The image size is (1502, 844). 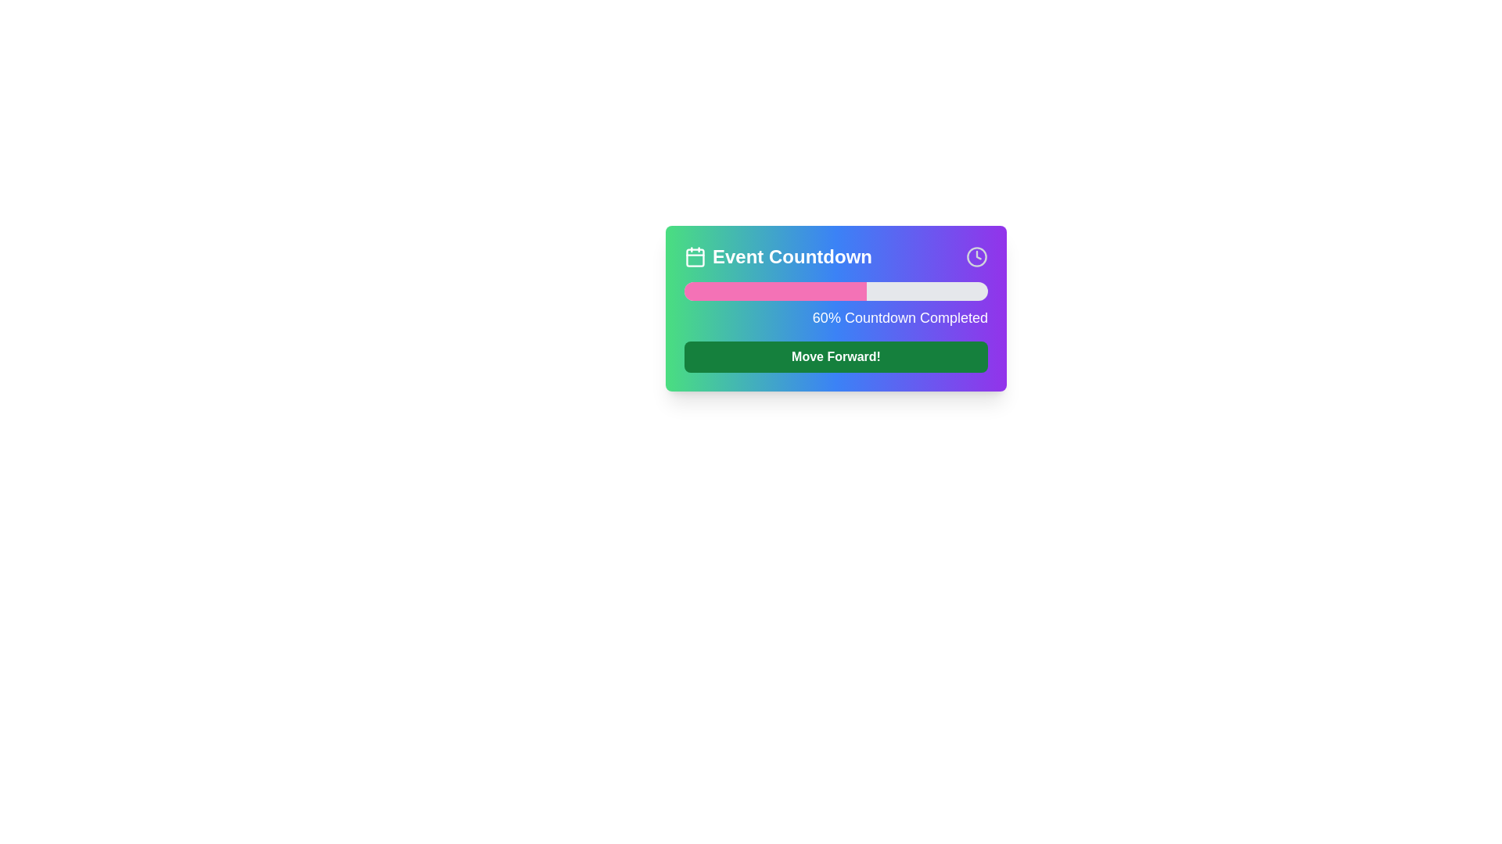 What do you see at coordinates (976, 256) in the screenshot?
I see `the circular SVG element that forms part of the clock icon in the top-right corner of the 'Event Countdown' card` at bounding box center [976, 256].